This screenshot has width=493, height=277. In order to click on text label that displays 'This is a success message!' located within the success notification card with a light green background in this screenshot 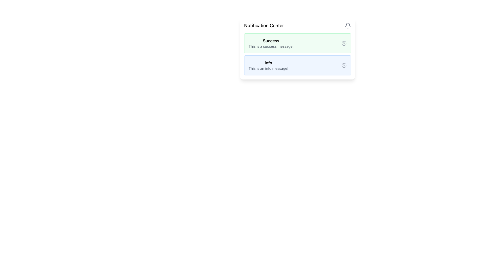, I will do `click(271, 46)`.